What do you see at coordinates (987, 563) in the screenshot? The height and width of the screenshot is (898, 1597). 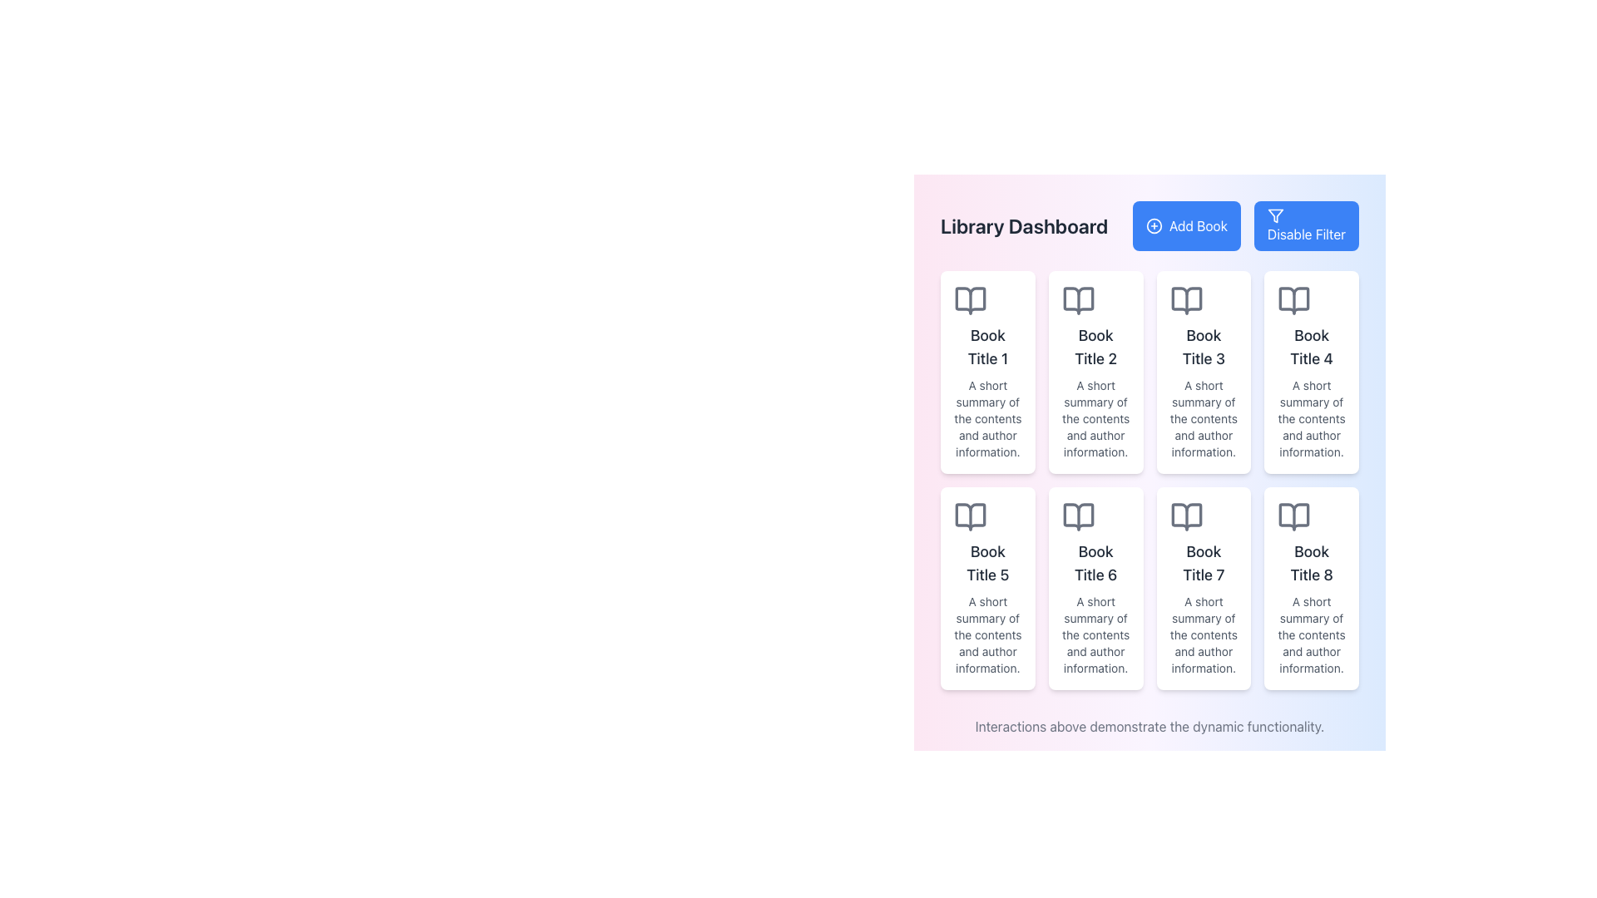 I see `title text of the fifth book entry in the library dashboard, which is located above a descriptive text and below an open book icon` at bounding box center [987, 563].